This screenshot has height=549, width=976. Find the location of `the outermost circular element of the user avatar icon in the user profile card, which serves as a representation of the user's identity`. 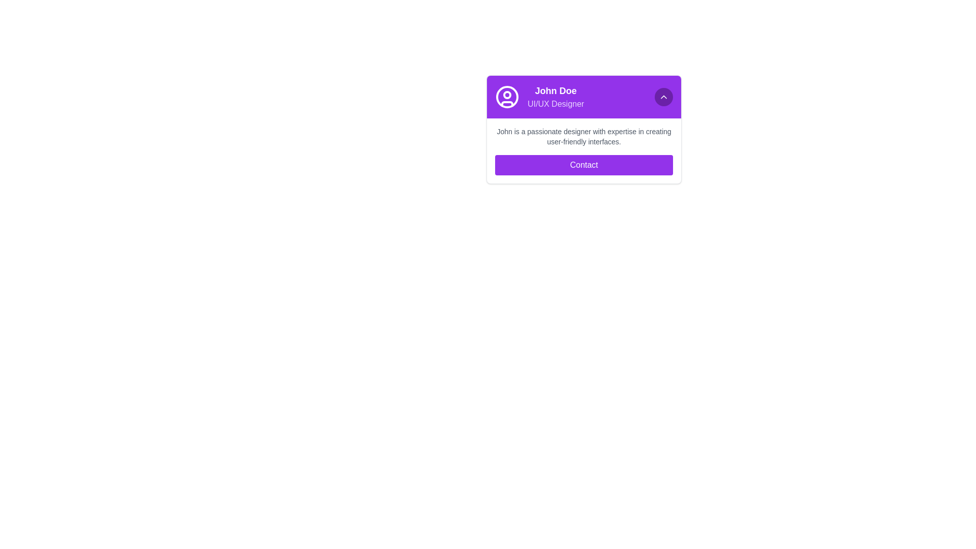

the outermost circular element of the user avatar icon in the user profile card, which serves as a representation of the user's identity is located at coordinates (507, 97).